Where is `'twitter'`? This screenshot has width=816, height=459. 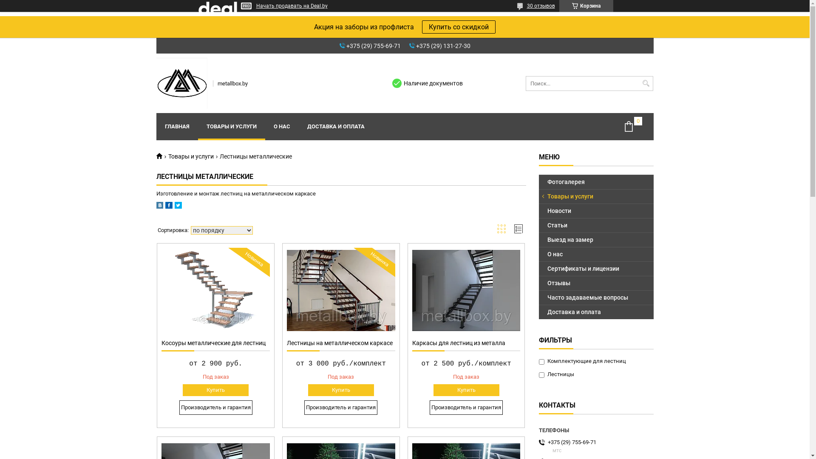
'twitter' is located at coordinates (177, 207).